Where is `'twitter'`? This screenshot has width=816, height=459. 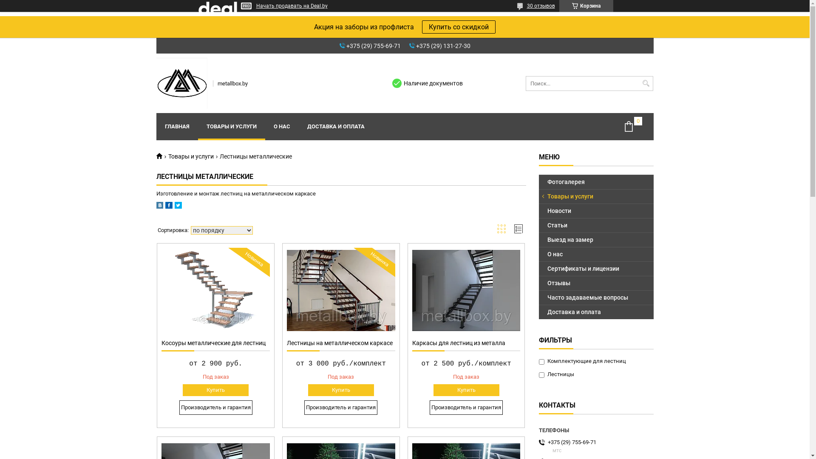
'twitter' is located at coordinates (177, 207).